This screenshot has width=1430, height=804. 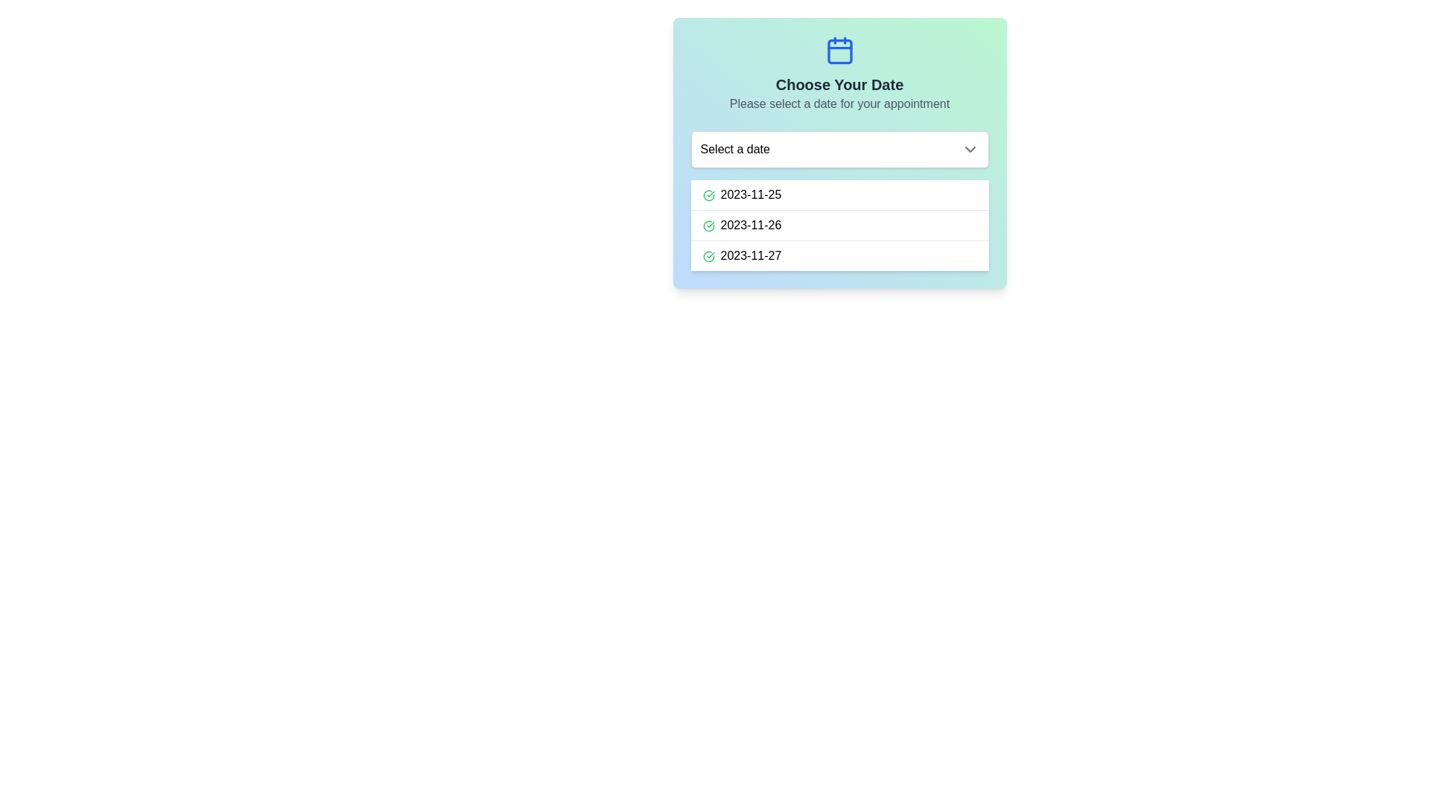 What do you see at coordinates (970, 149) in the screenshot?
I see `the Dropdown toggle icon, which is a small downward arrow styled with rounded edges and gray color, located on the right edge of the white rectangular box containing the text 'Select a date'` at bounding box center [970, 149].